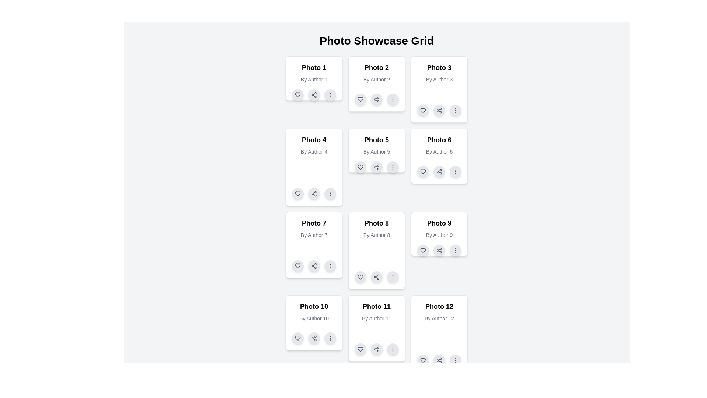 Image resolution: width=707 pixels, height=398 pixels. What do you see at coordinates (298, 193) in the screenshot?
I see `the heart-shaped icon located` at bounding box center [298, 193].